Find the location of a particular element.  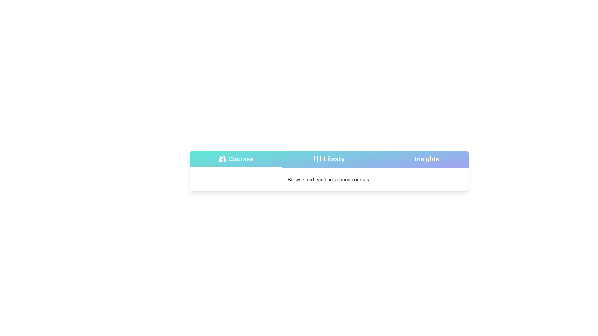

the tab labeled Courses to view its associated content is located at coordinates (235, 159).